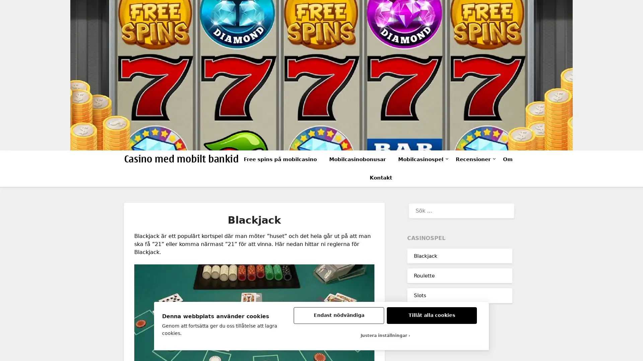 This screenshot has width=643, height=361. I want to click on Endast nodvandiga, so click(339, 316).